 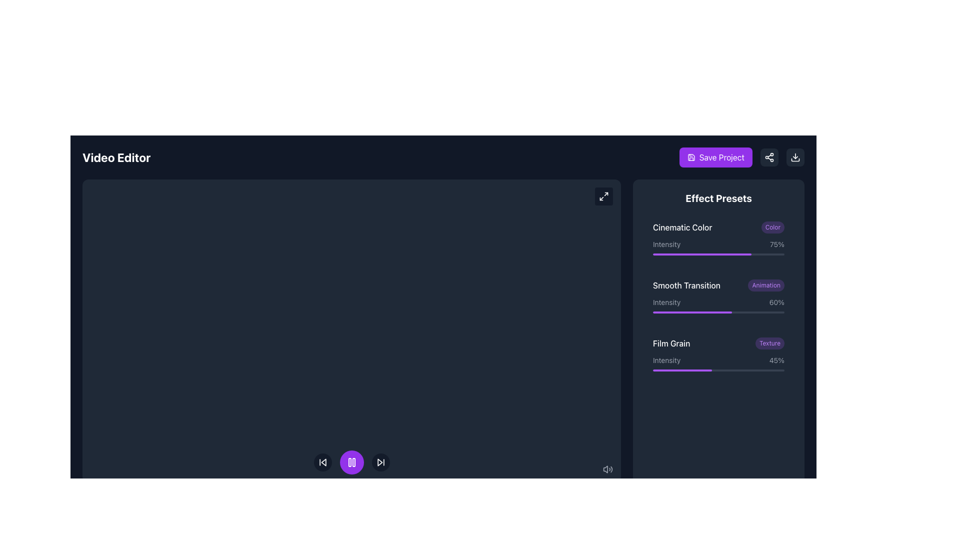 I want to click on the purple 'Save Project' button located in the top-right corner of the interface, so click(x=741, y=157).